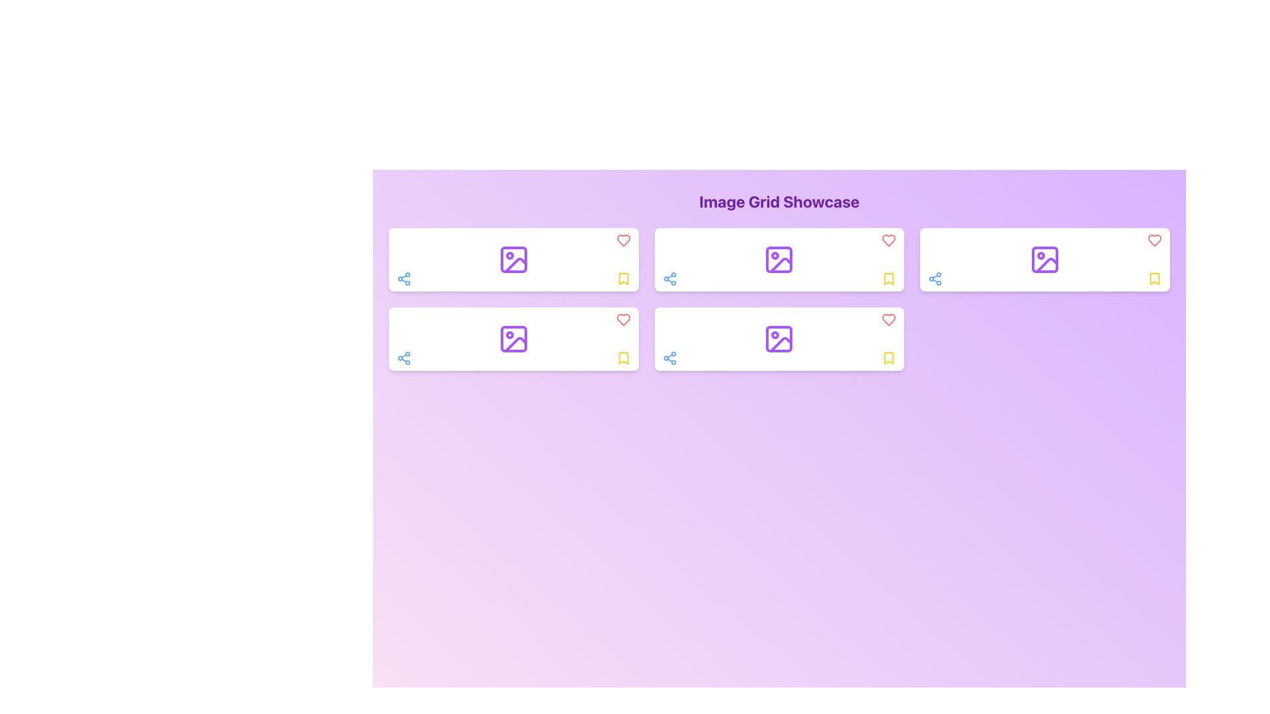  What do you see at coordinates (622, 278) in the screenshot?
I see `the interactive bookmark icon located in the bottom-right corner of the upper right card in the grid` at bounding box center [622, 278].